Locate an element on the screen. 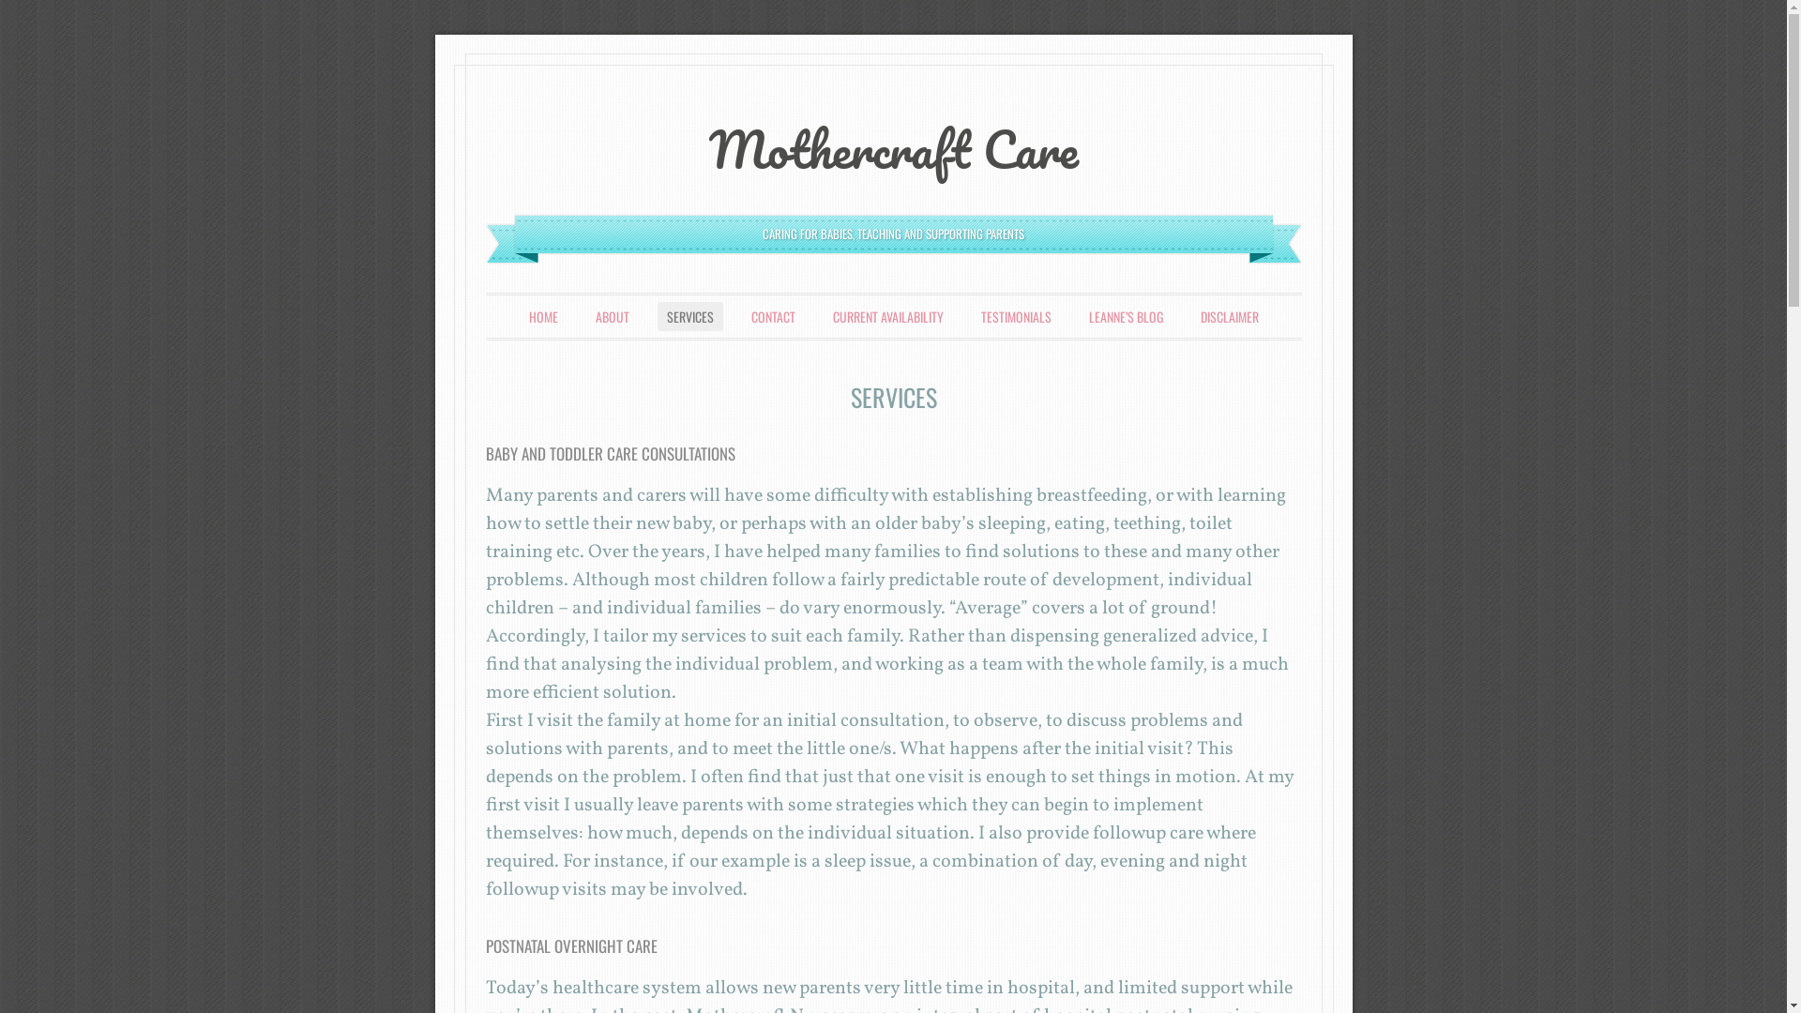 This screenshot has width=1801, height=1013. 'HOME' is located at coordinates (542, 315).